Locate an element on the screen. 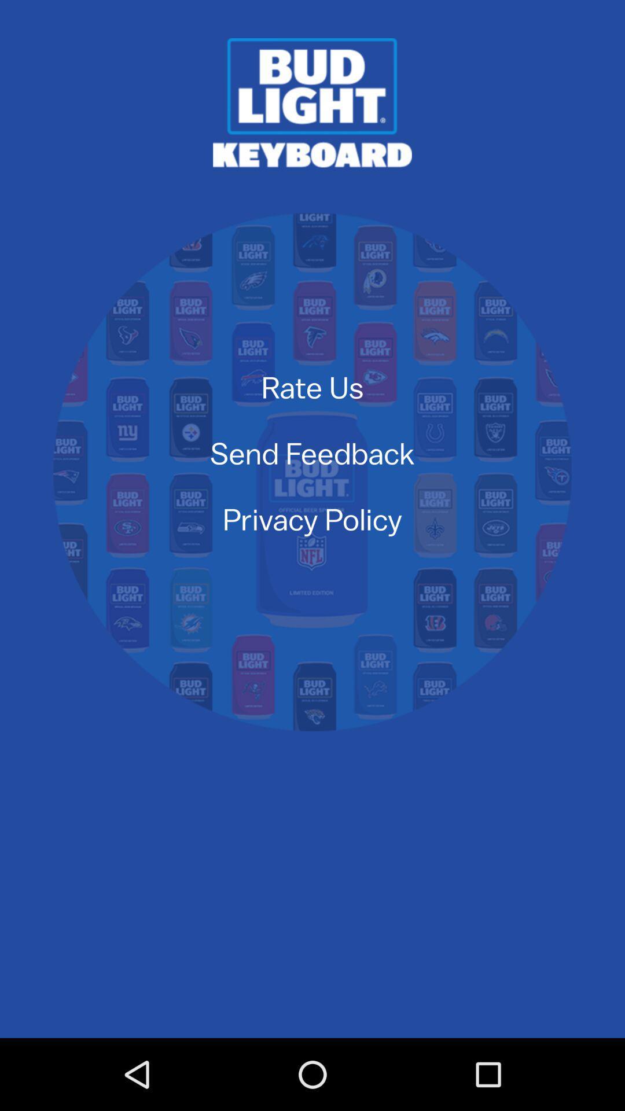 This screenshot has height=1111, width=625. send feedback item is located at coordinates (312, 452).